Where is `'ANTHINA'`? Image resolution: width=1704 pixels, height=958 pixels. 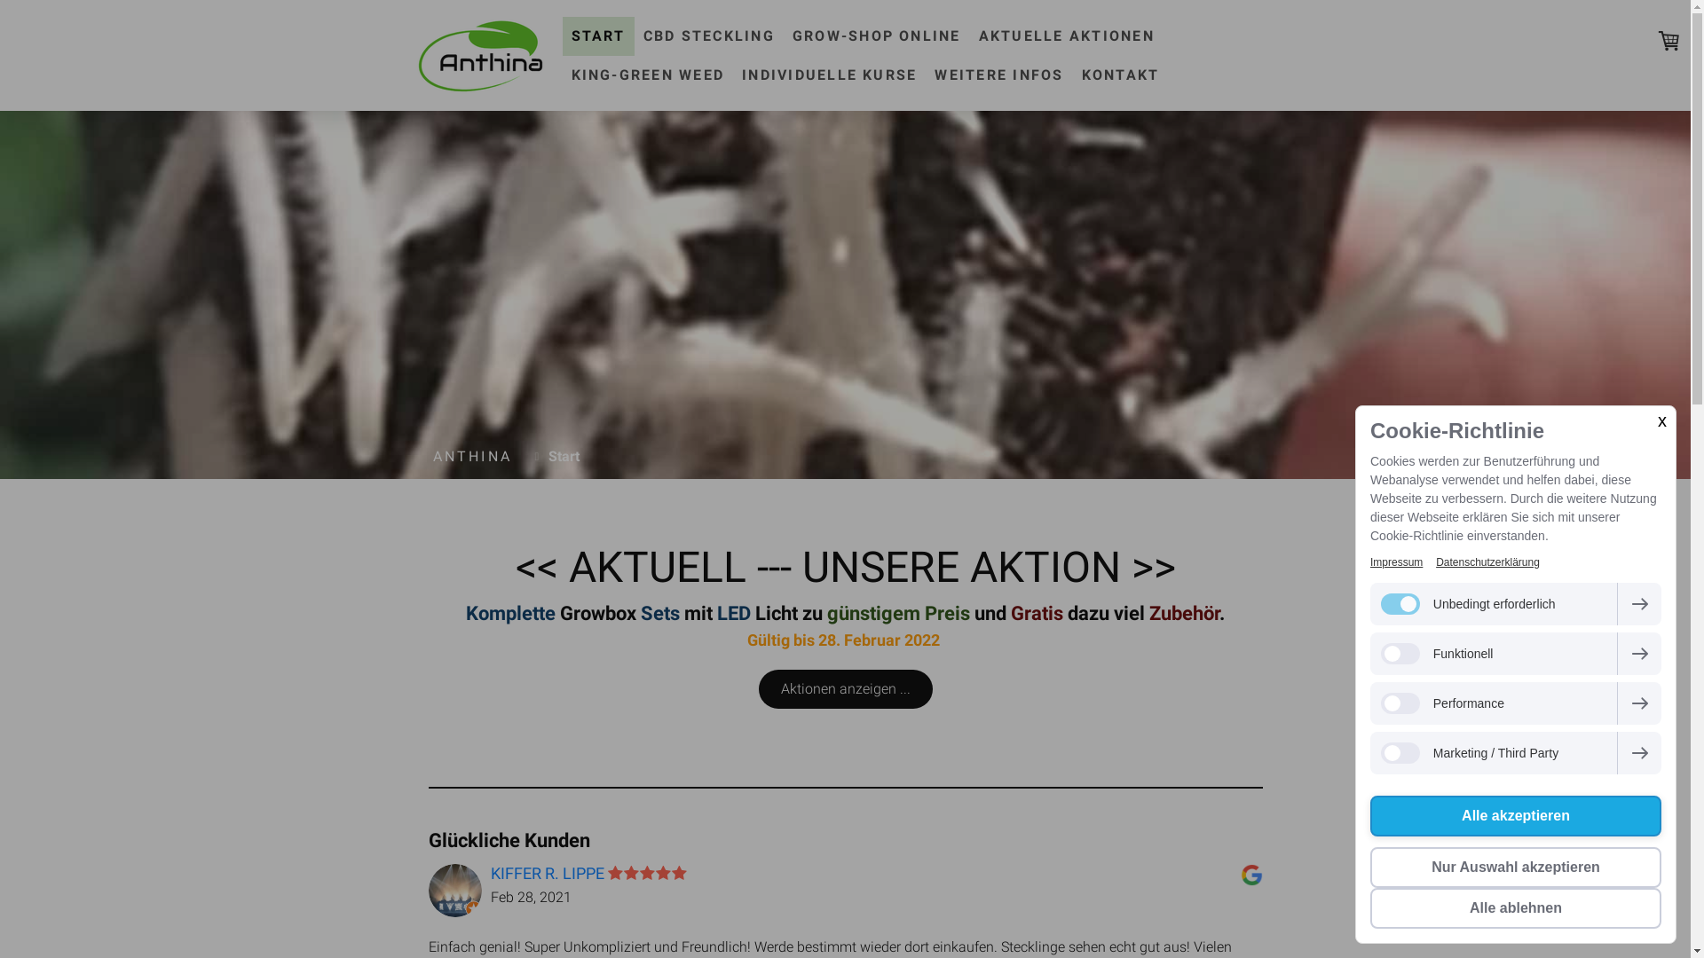
'ANTHINA' is located at coordinates (472, 456).